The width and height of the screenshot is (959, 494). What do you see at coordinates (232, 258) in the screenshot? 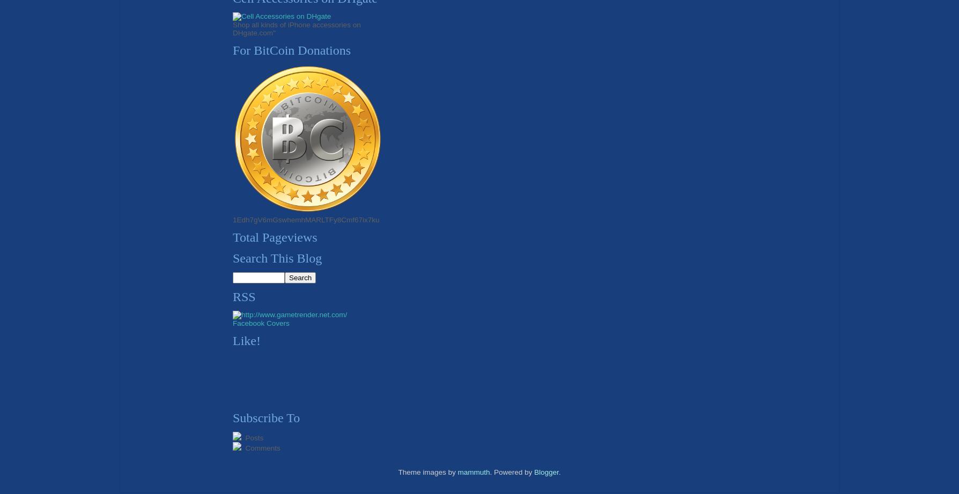
I see `'Search This Blog'` at bounding box center [232, 258].